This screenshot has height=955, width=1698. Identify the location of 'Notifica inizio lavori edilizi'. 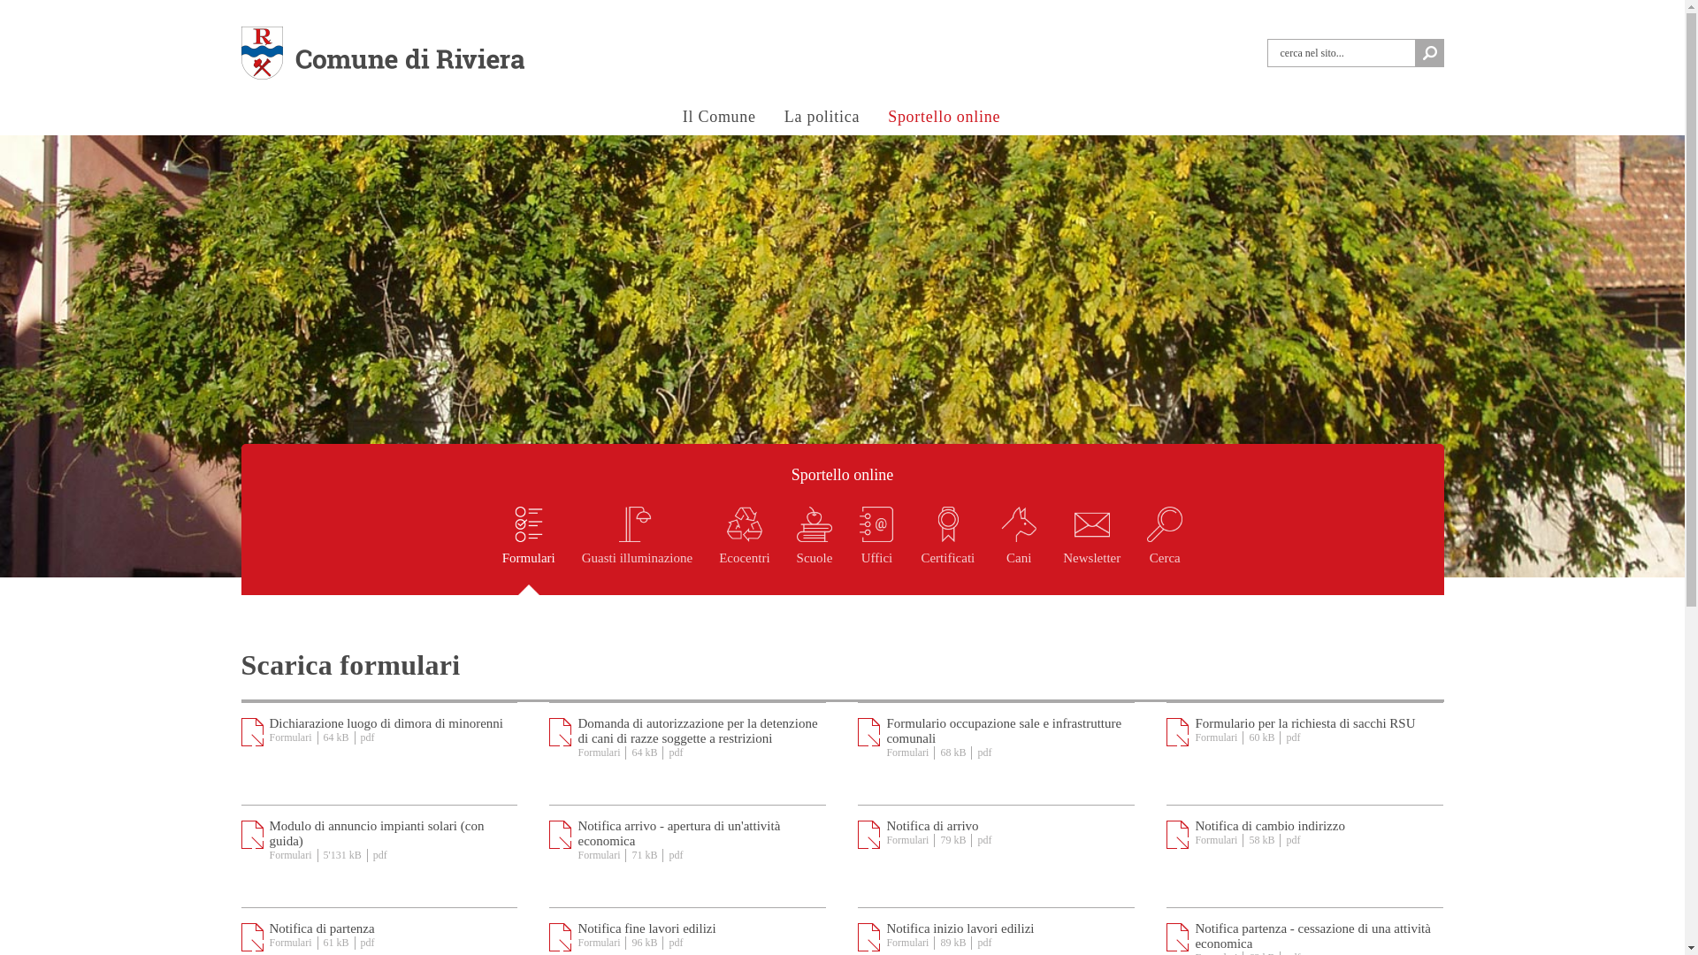
(959, 927).